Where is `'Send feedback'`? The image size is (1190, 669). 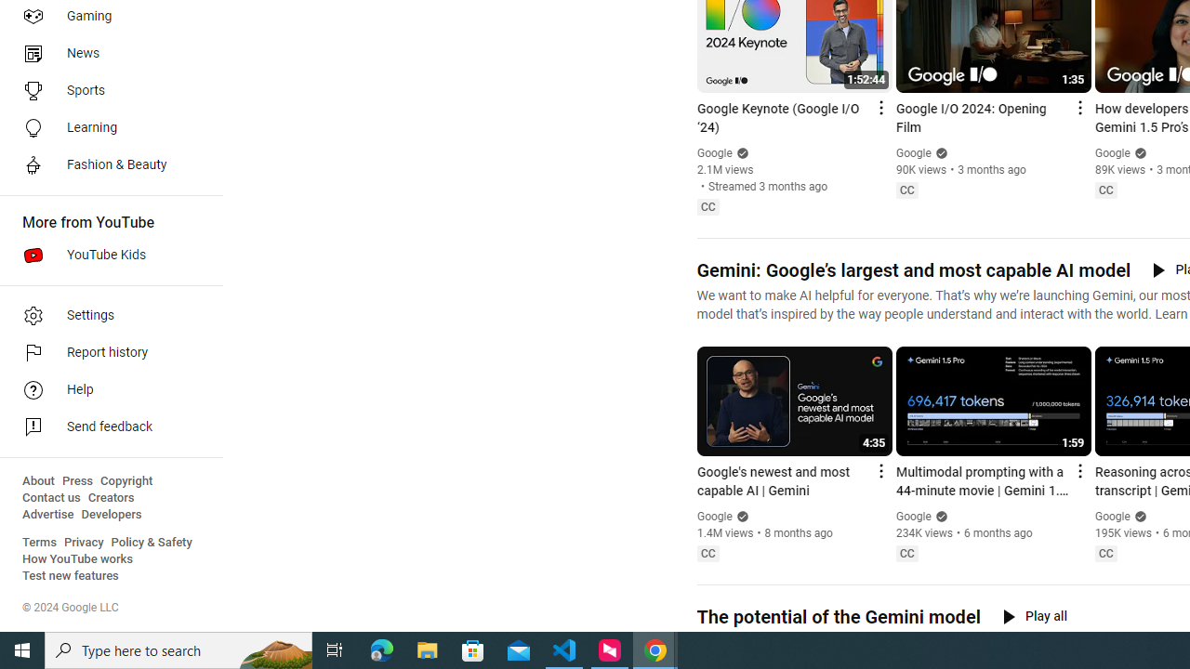
'Send feedback' is located at coordinates (104, 427).